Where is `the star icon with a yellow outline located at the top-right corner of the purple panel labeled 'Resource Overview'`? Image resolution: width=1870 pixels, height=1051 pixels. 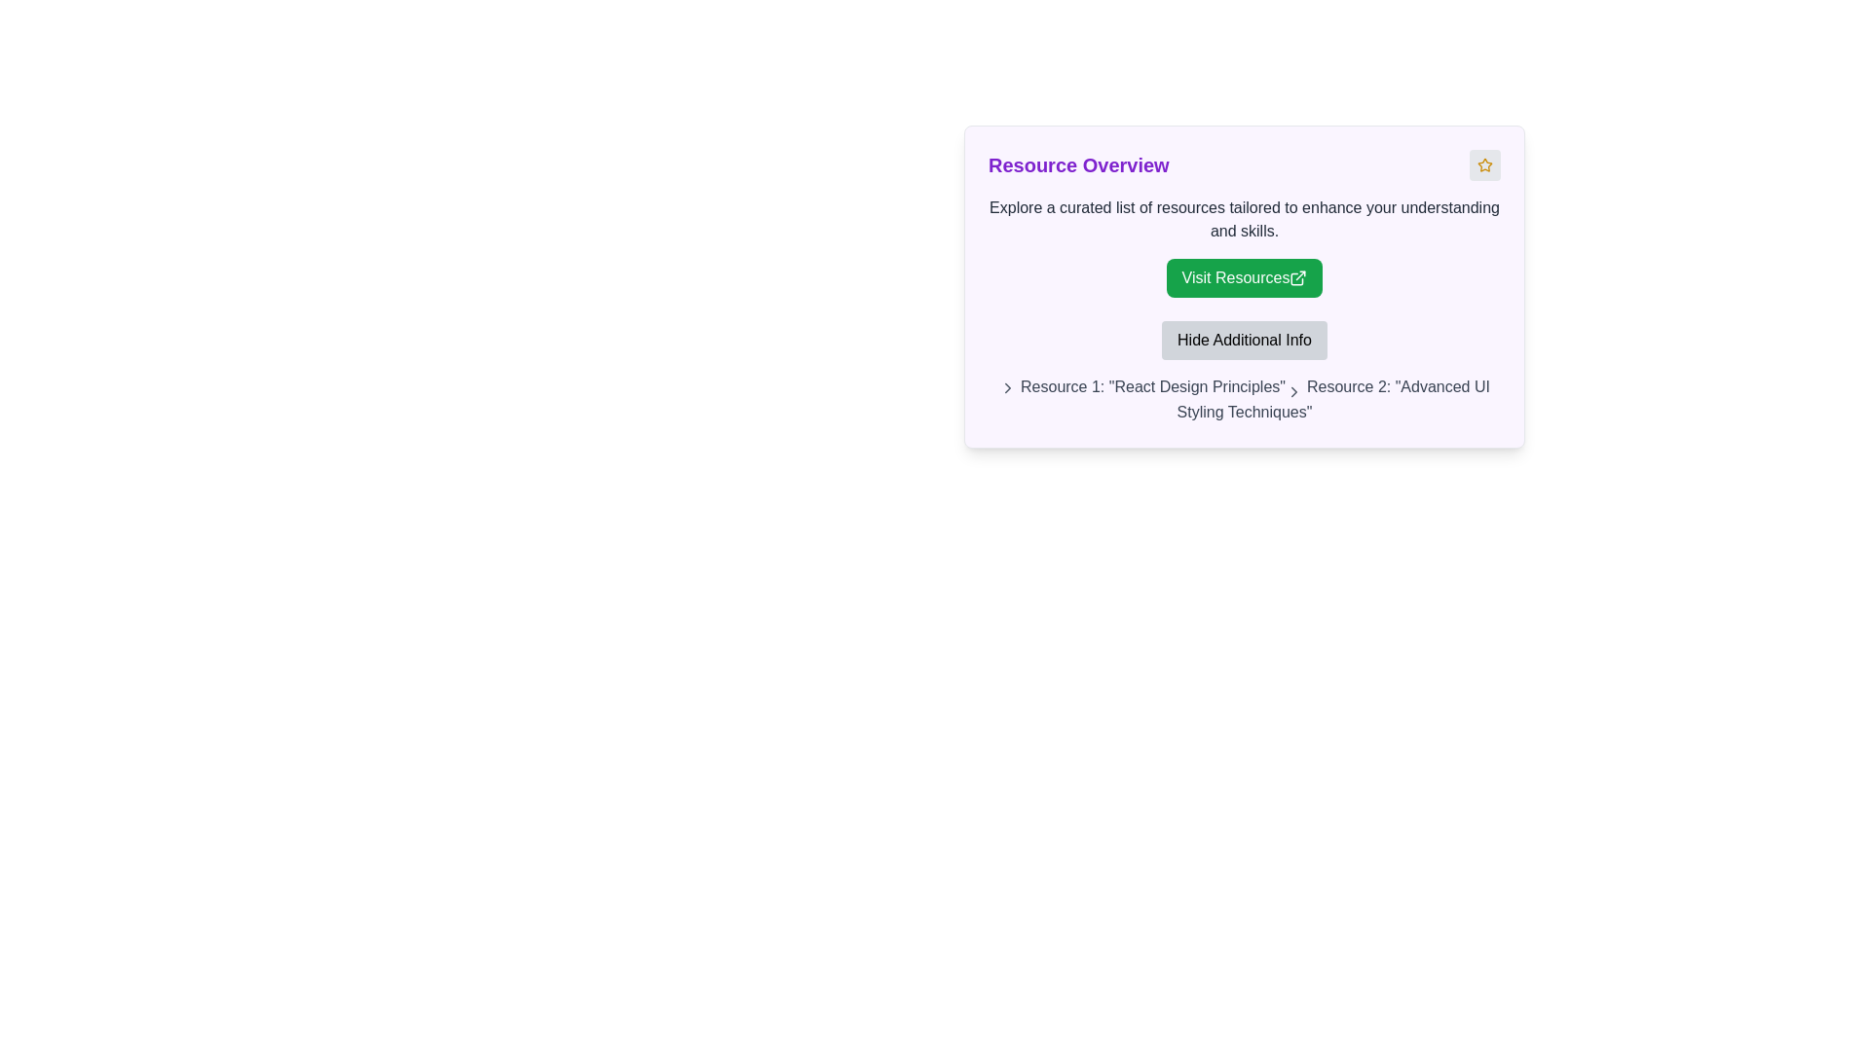 the star icon with a yellow outline located at the top-right corner of the purple panel labeled 'Resource Overview' is located at coordinates (1484, 163).